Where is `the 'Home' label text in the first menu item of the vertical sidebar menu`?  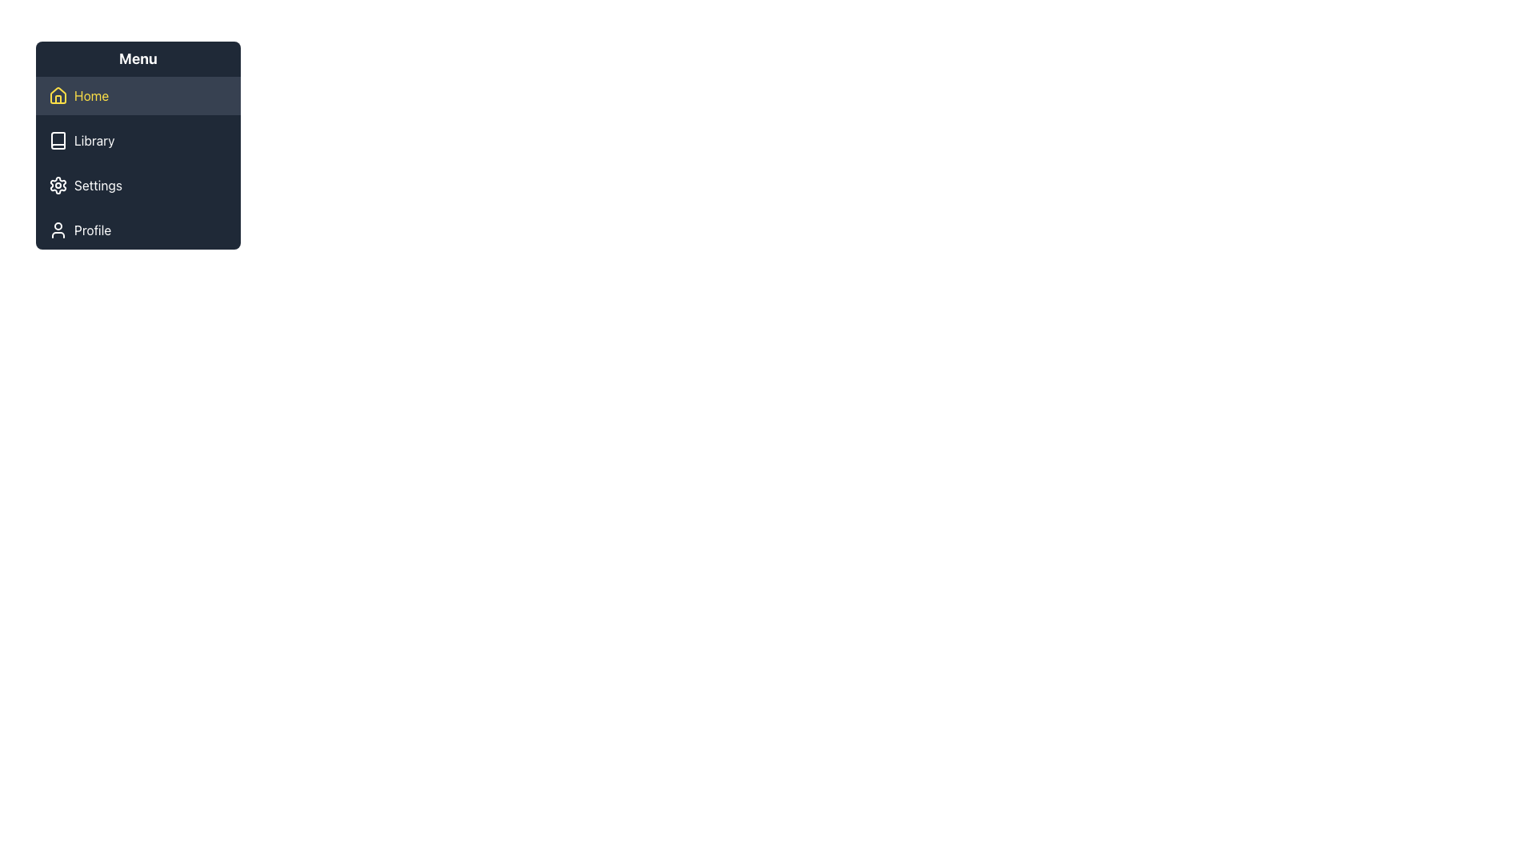 the 'Home' label text in the first menu item of the vertical sidebar menu is located at coordinates (90, 95).